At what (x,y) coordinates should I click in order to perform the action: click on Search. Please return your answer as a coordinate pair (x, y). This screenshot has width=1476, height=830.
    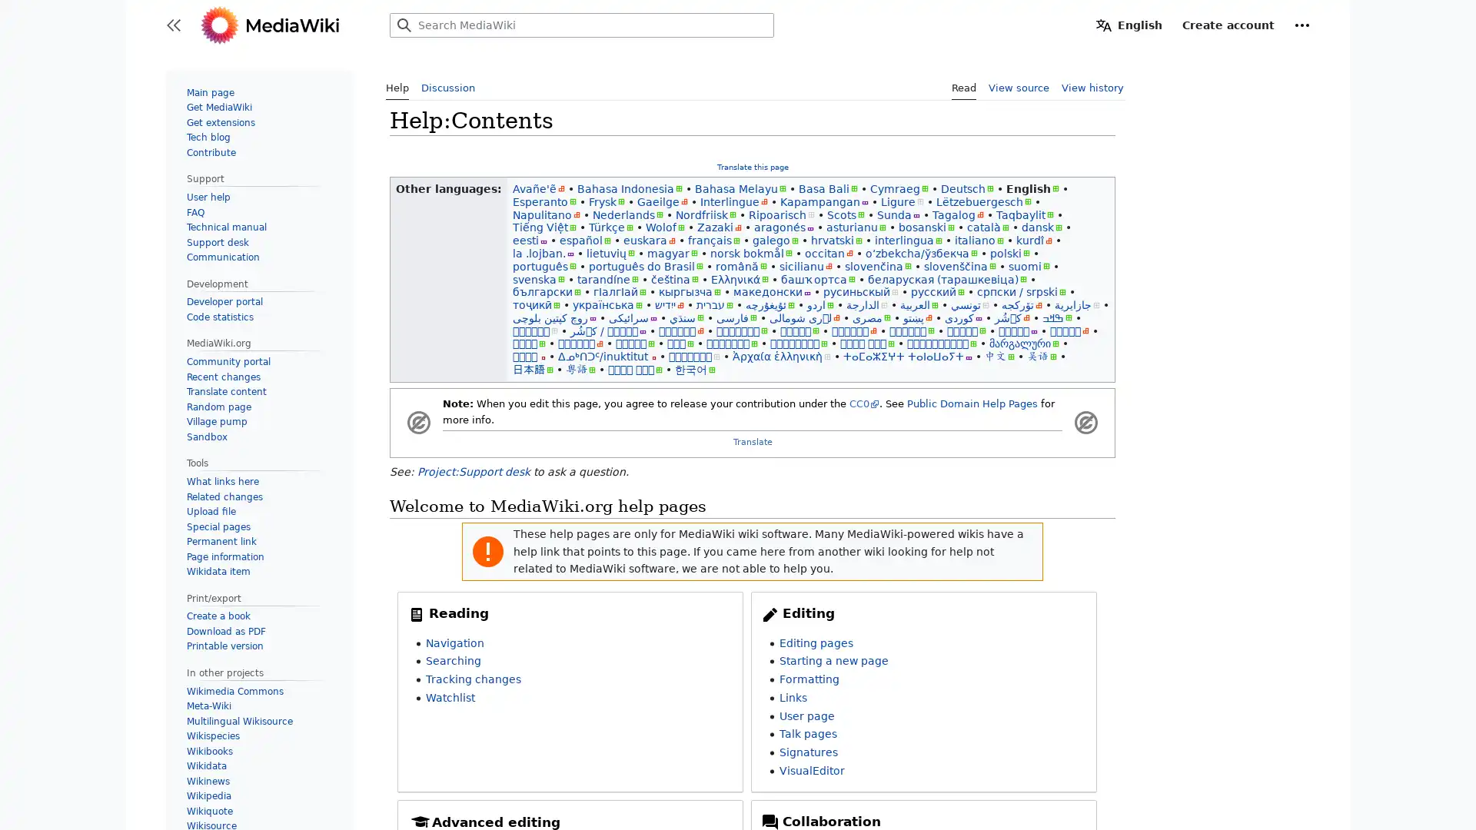
    Looking at the image, I should click on (404, 25).